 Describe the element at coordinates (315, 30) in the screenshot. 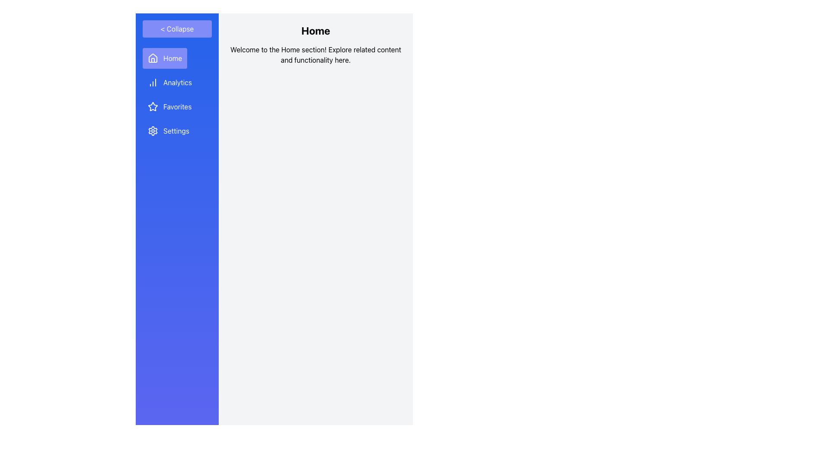

I see `text 'Home' displayed in bold and large font size in the header section, which is prominently styled against a light gray background` at that location.